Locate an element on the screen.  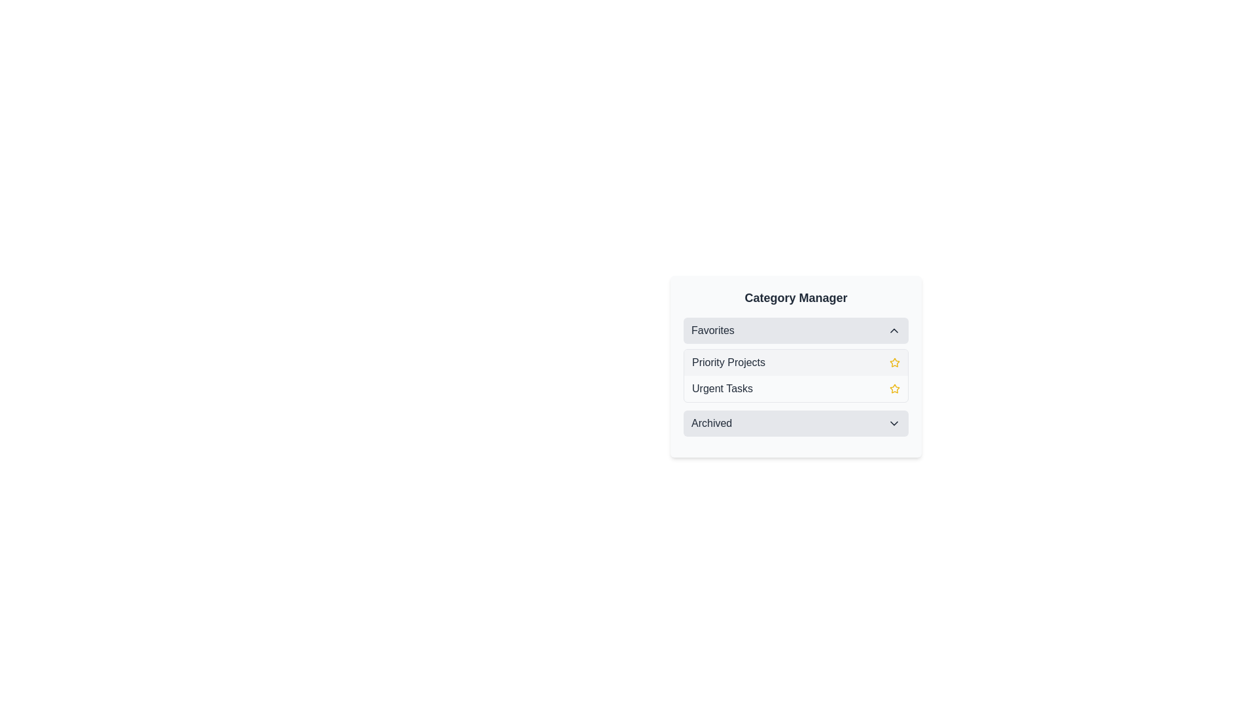
text content of the 'Archived' text label located in the last row of the 'Category Manager' interface is located at coordinates (711, 424).